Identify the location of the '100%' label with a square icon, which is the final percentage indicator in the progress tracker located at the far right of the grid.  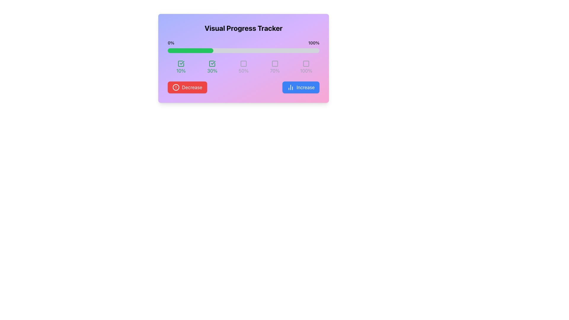
(306, 67).